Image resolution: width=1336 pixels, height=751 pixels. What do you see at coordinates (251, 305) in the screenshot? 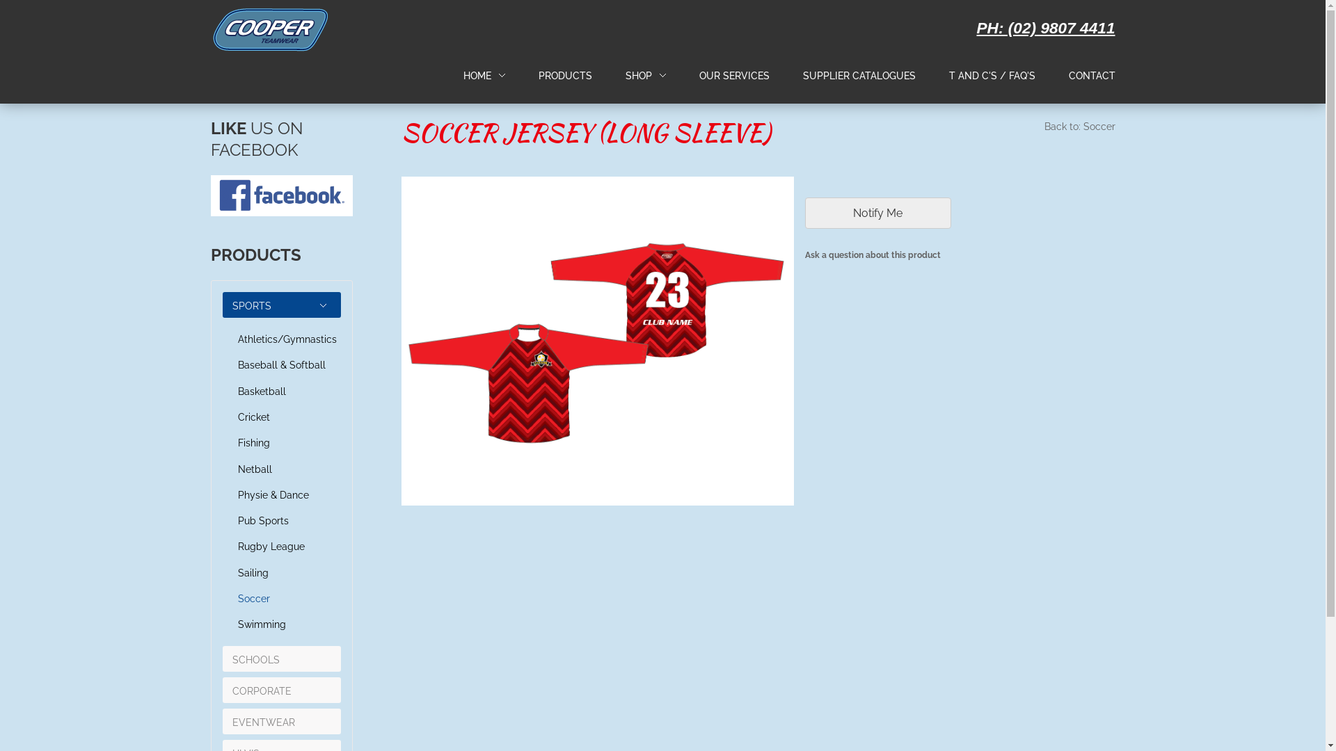
I see `'SPORTS'` at bounding box center [251, 305].